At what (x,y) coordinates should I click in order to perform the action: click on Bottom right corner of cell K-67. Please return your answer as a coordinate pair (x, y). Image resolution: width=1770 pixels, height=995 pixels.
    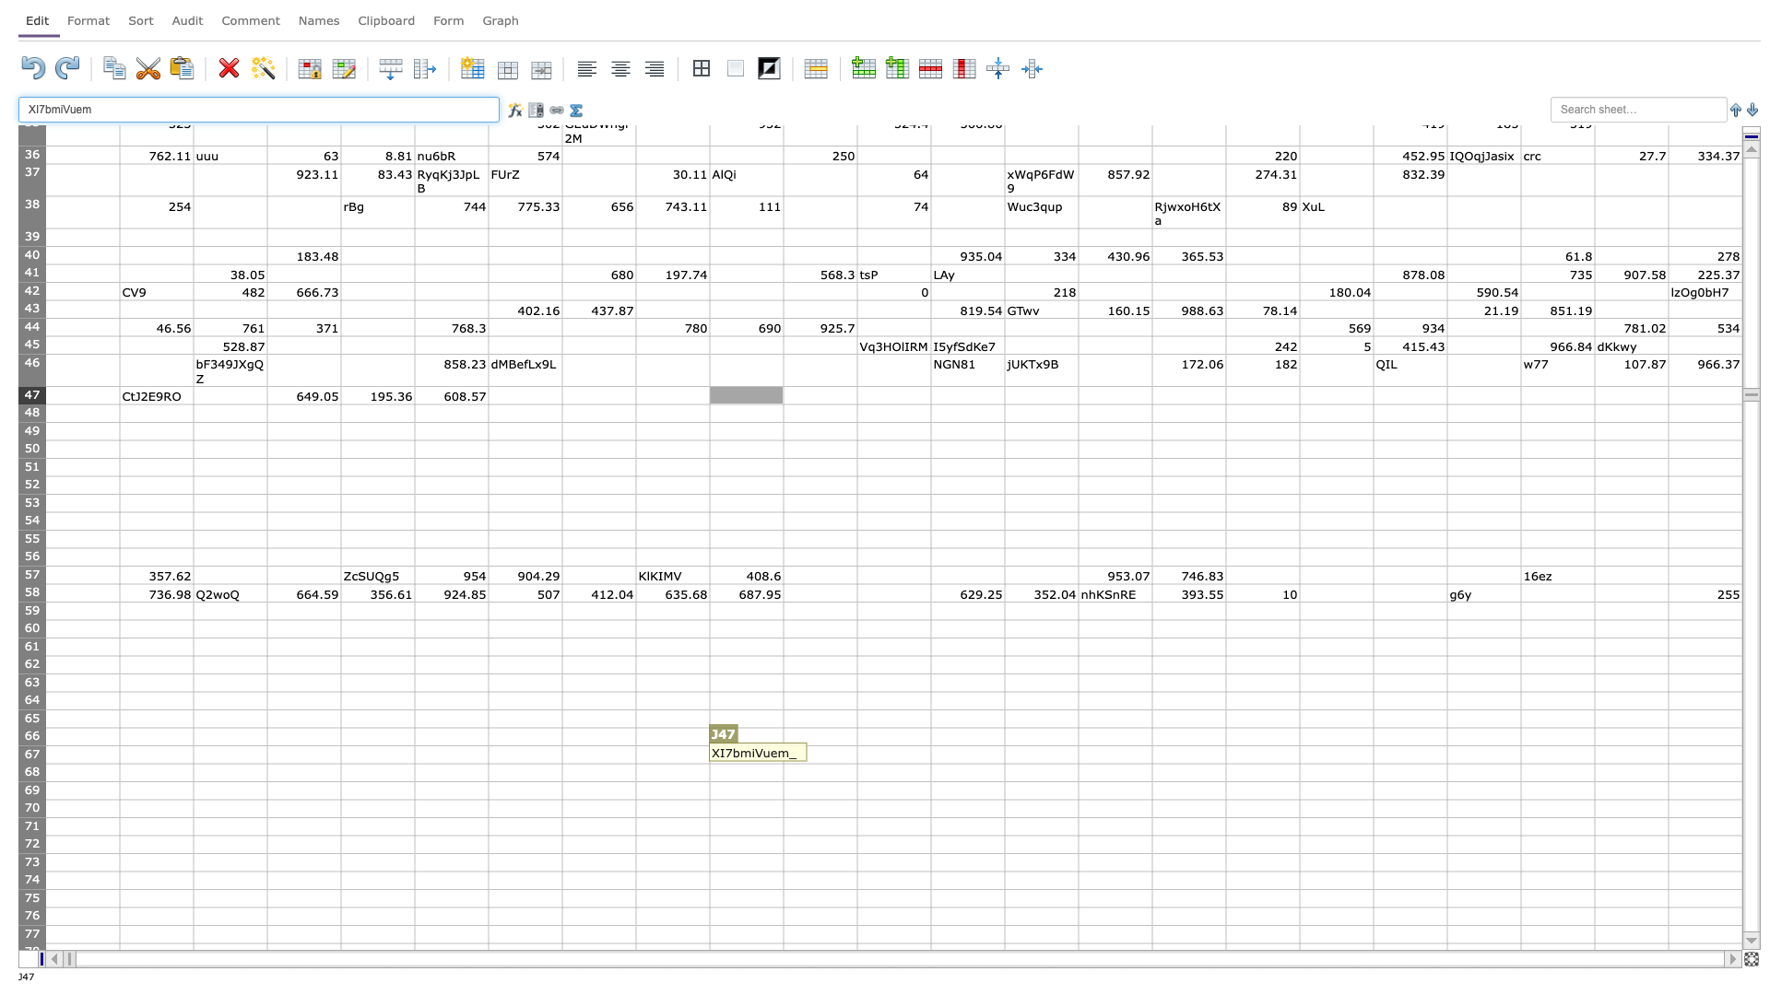
    Looking at the image, I should click on (856, 764).